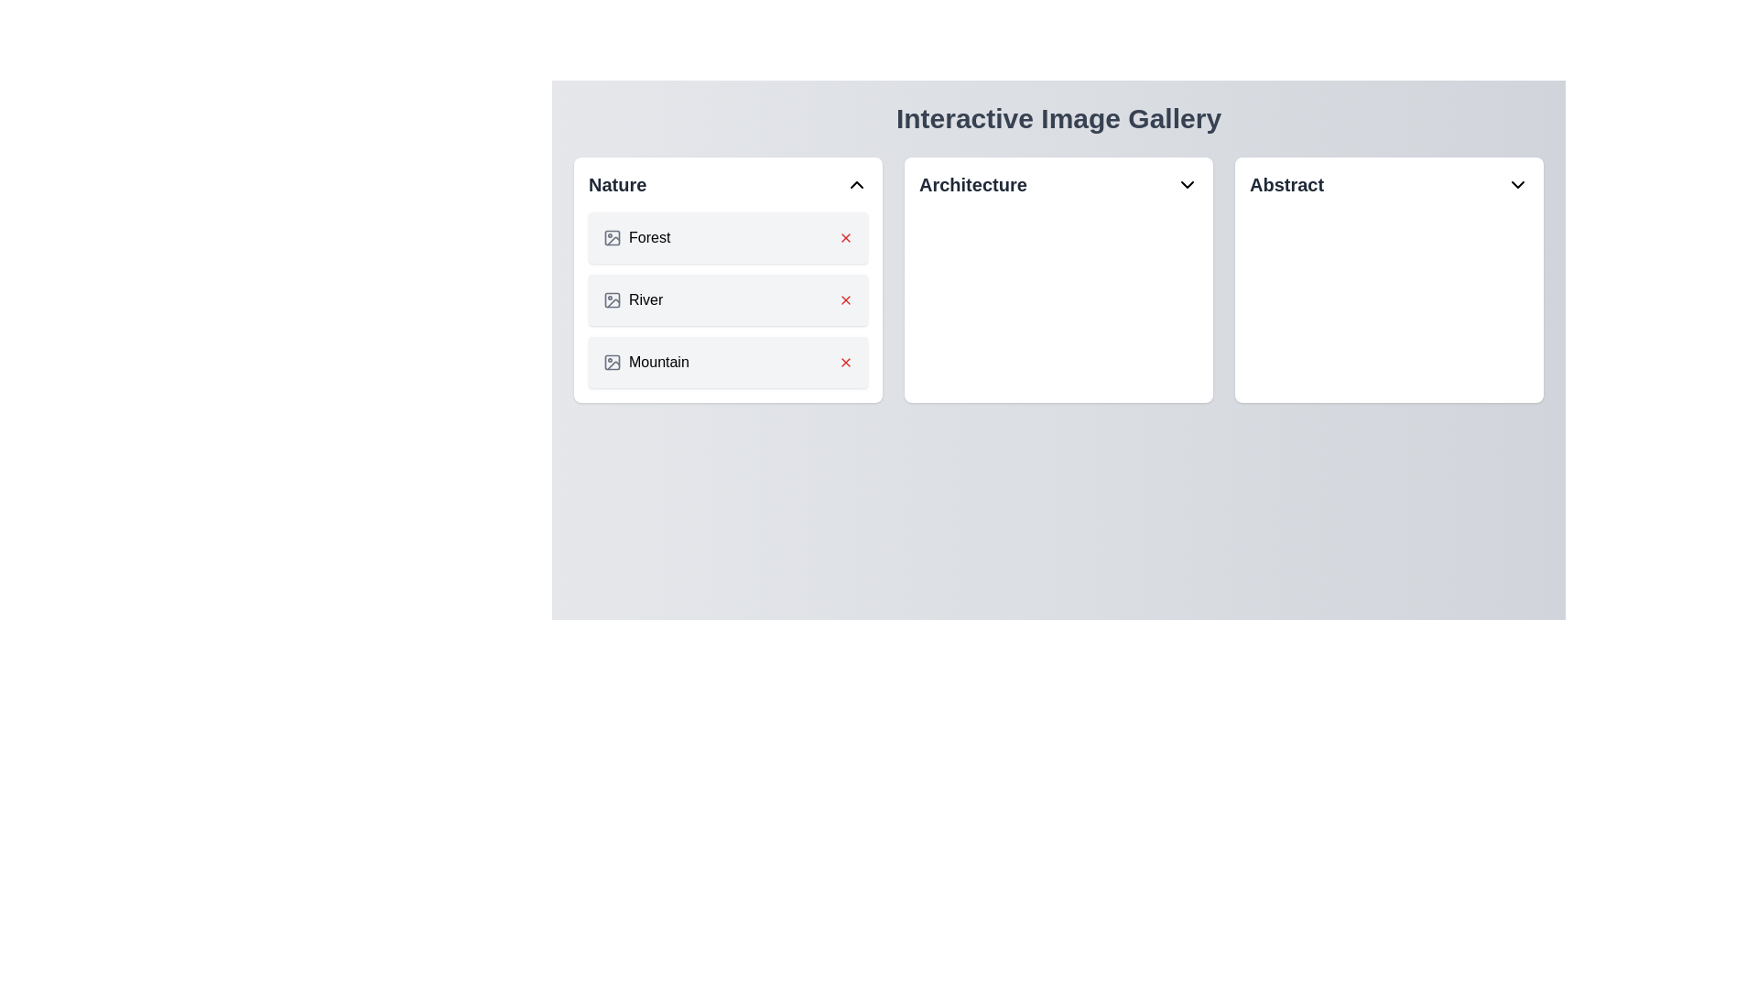  I want to click on the 'River' text label, which is the second item under the 'Nature' category, located in the far left column of the interface, so click(646, 299).